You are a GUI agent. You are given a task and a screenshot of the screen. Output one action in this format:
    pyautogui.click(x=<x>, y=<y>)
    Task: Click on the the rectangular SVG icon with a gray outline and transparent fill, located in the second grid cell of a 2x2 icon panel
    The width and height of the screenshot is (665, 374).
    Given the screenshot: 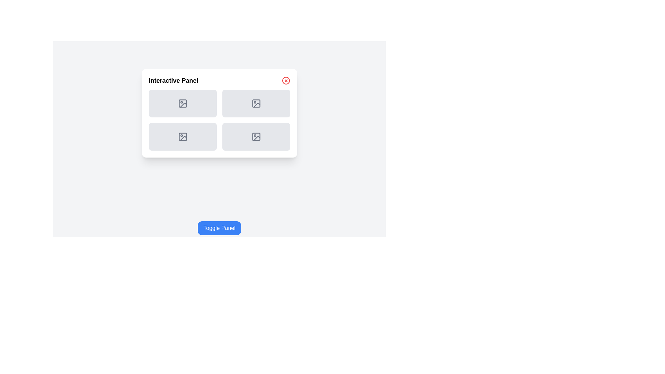 What is the action you would take?
    pyautogui.click(x=256, y=104)
    